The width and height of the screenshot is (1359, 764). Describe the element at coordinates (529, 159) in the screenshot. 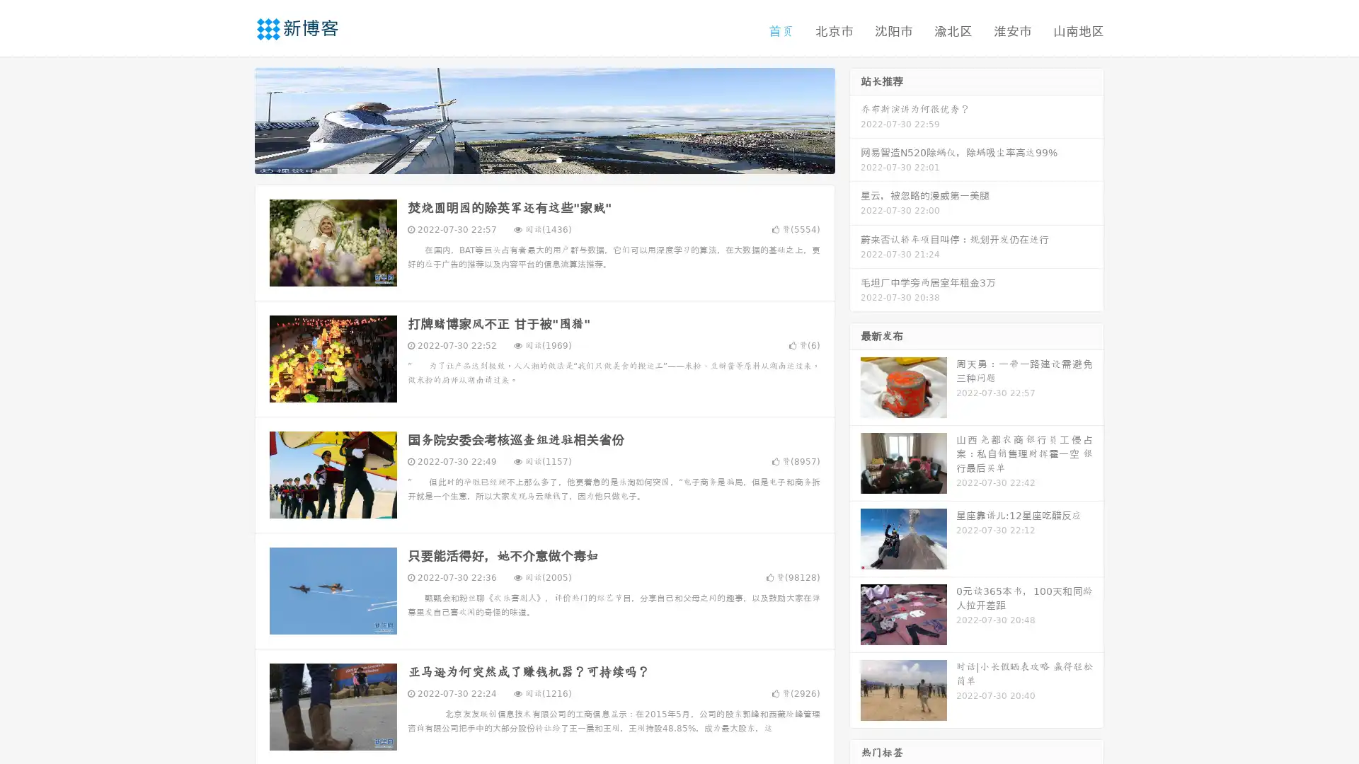

I see `Go to slide 1` at that location.